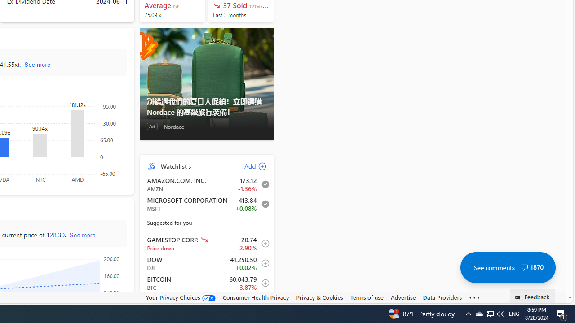  I want to click on 'Your Privacy Choices', so click(180, 297).